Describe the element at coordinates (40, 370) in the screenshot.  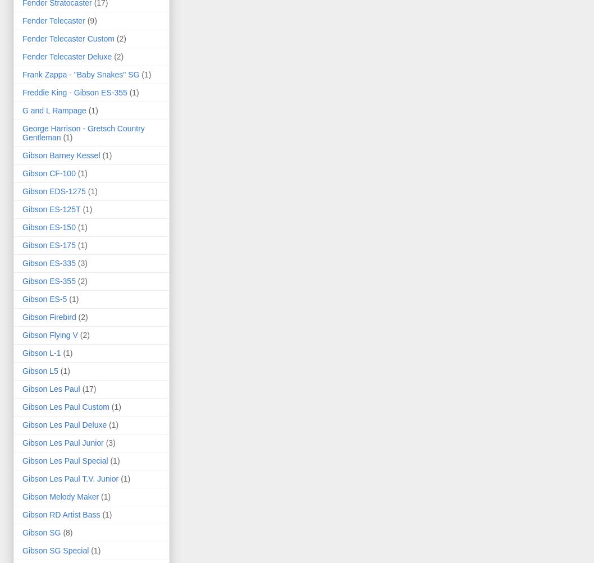
I see `'Gibson L5'` at that location.